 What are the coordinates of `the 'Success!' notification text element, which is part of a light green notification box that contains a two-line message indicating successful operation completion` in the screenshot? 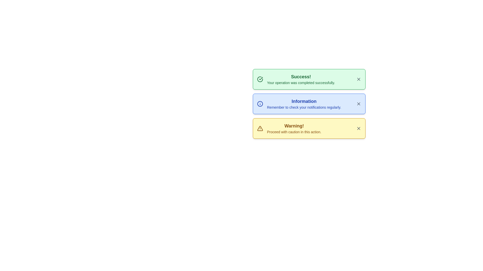 It's located at (301, 79).